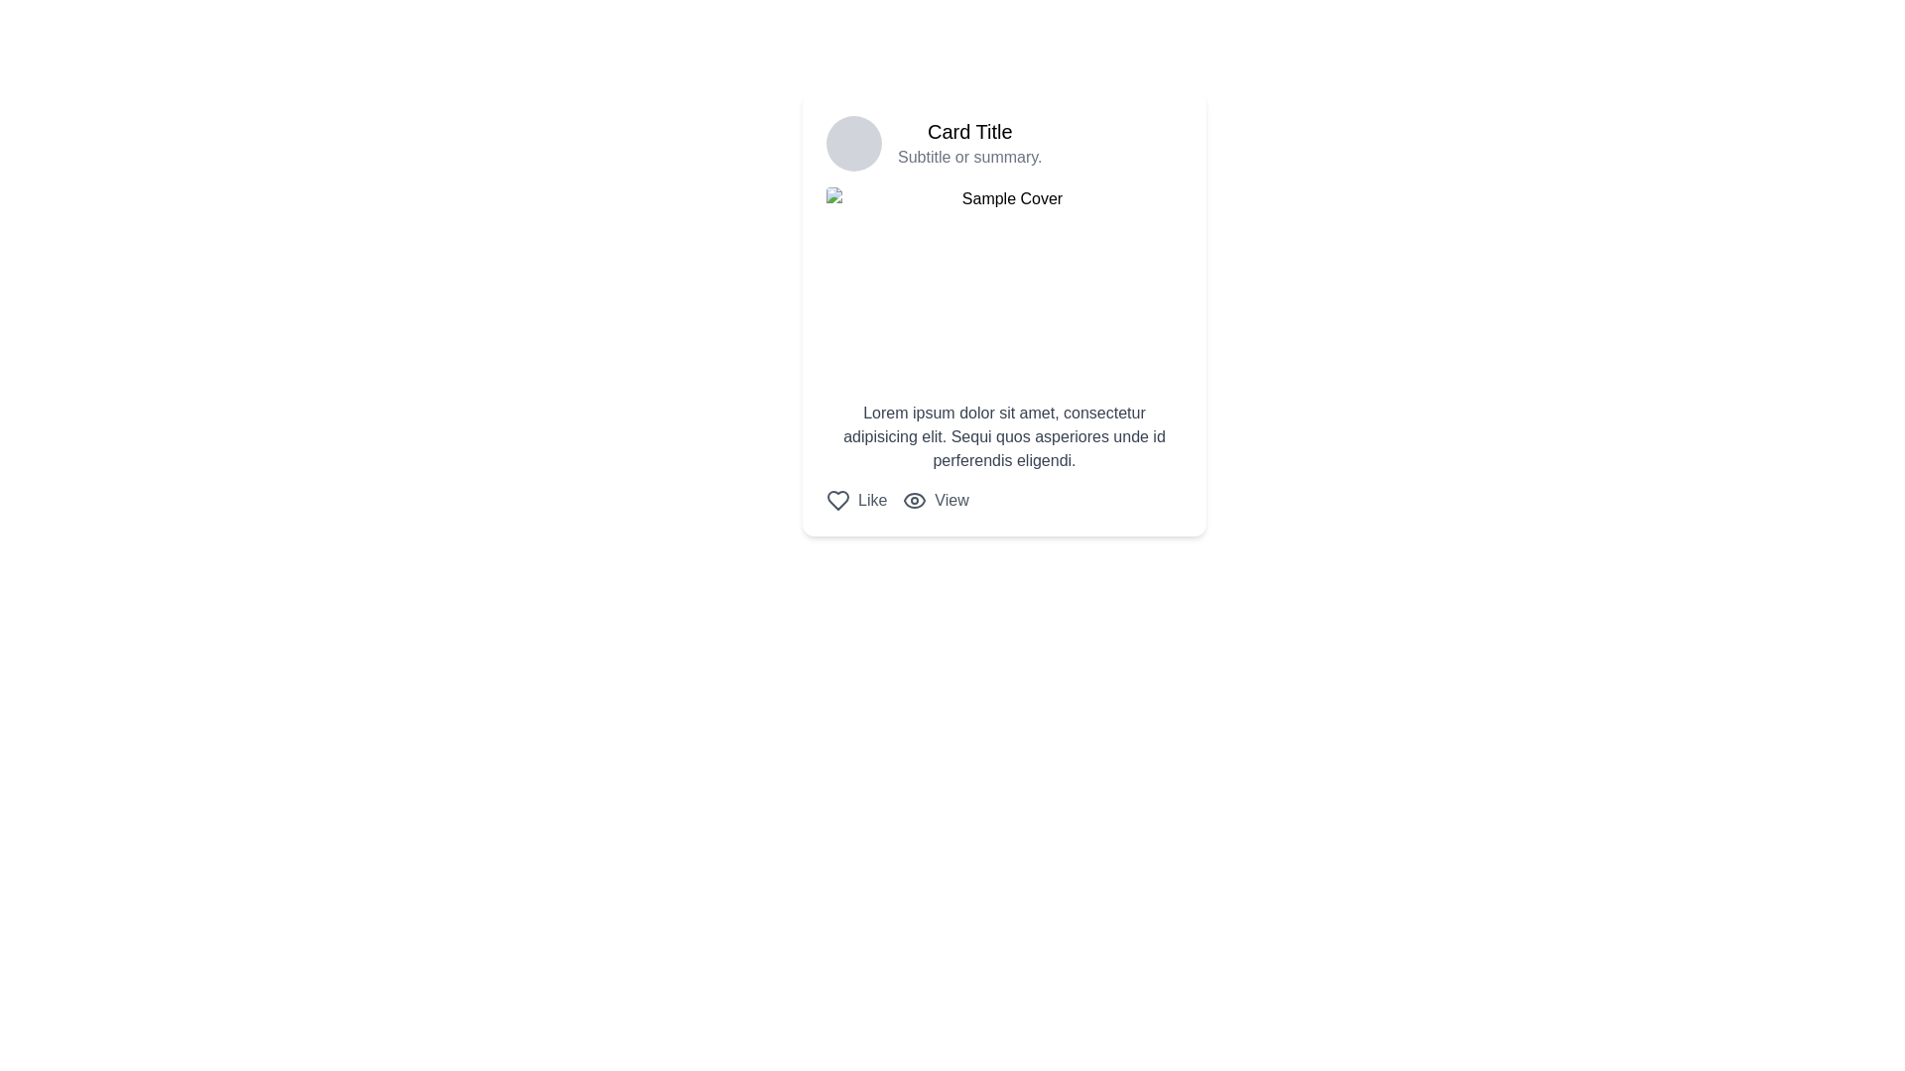 This screenshot has height=1071, width=1905. Describe the element at coordinates (951, 500) in the screenshot. I see `the 'View' button text located within the interactive UI component, positioned below the card's description and to the right of the 'eye' icon` at that location.